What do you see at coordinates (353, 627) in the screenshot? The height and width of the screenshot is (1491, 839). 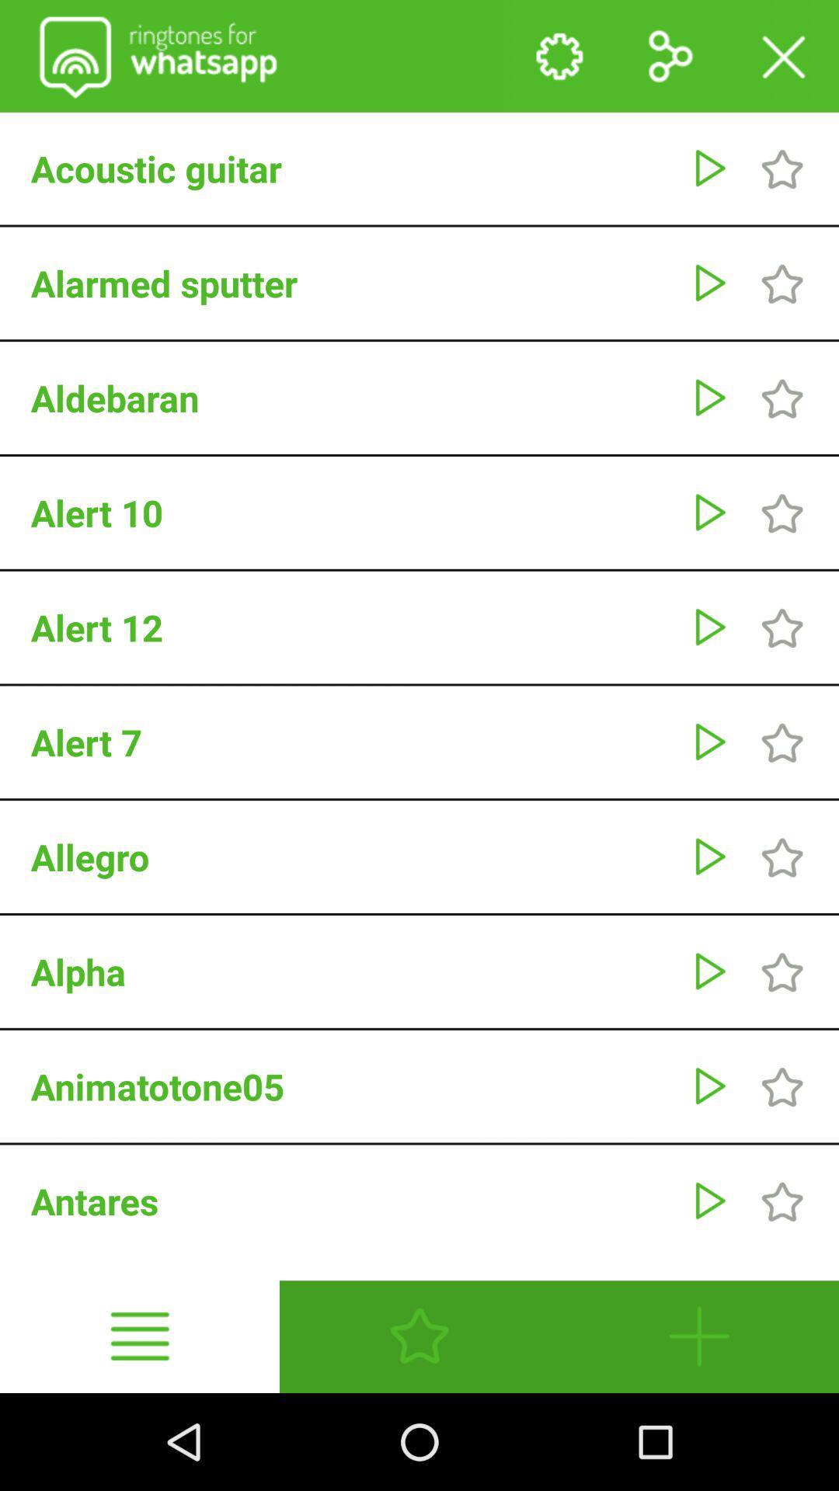 I see `alert 12 icon` at bounding box center [353, 627].